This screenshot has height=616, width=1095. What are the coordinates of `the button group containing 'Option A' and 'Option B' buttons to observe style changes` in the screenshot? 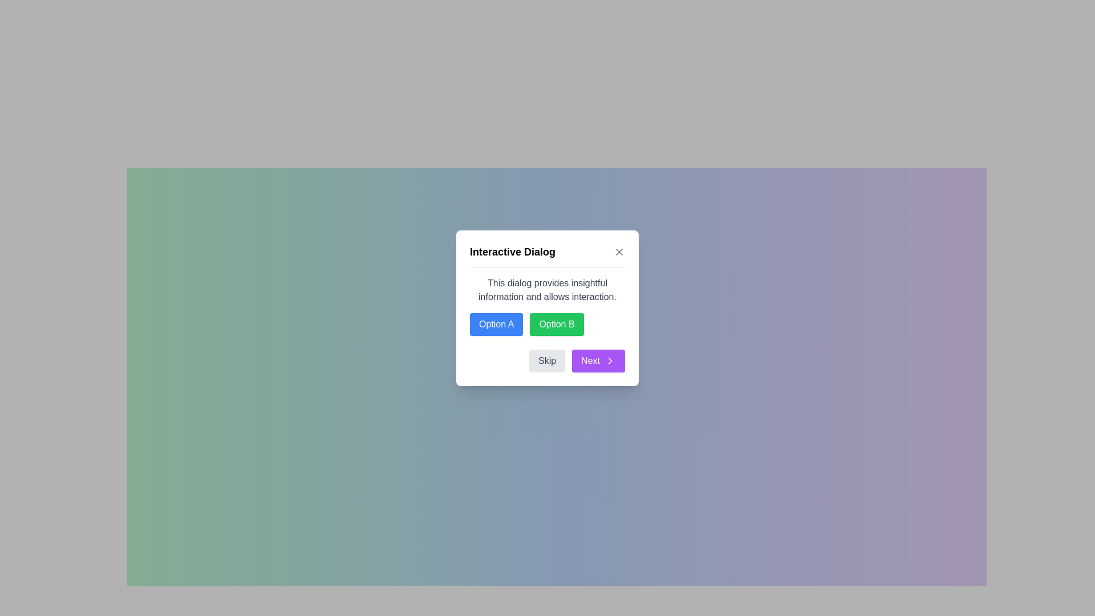 It's located at (547, 324).